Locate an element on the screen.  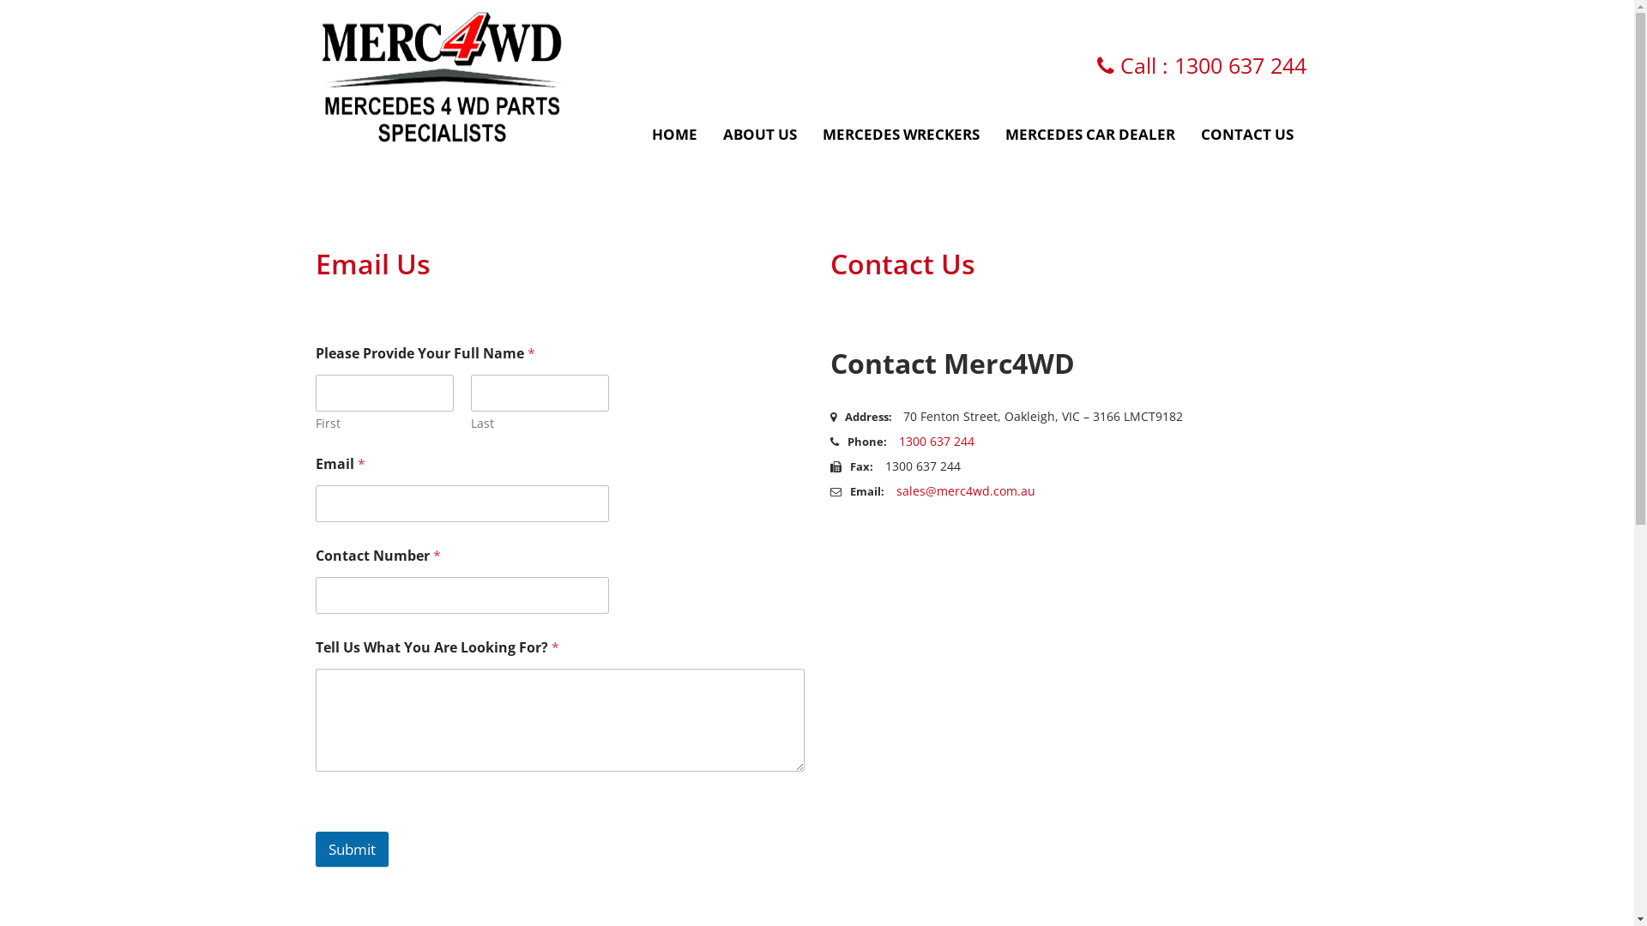
'Submit' is located at coordinates (316, 849).